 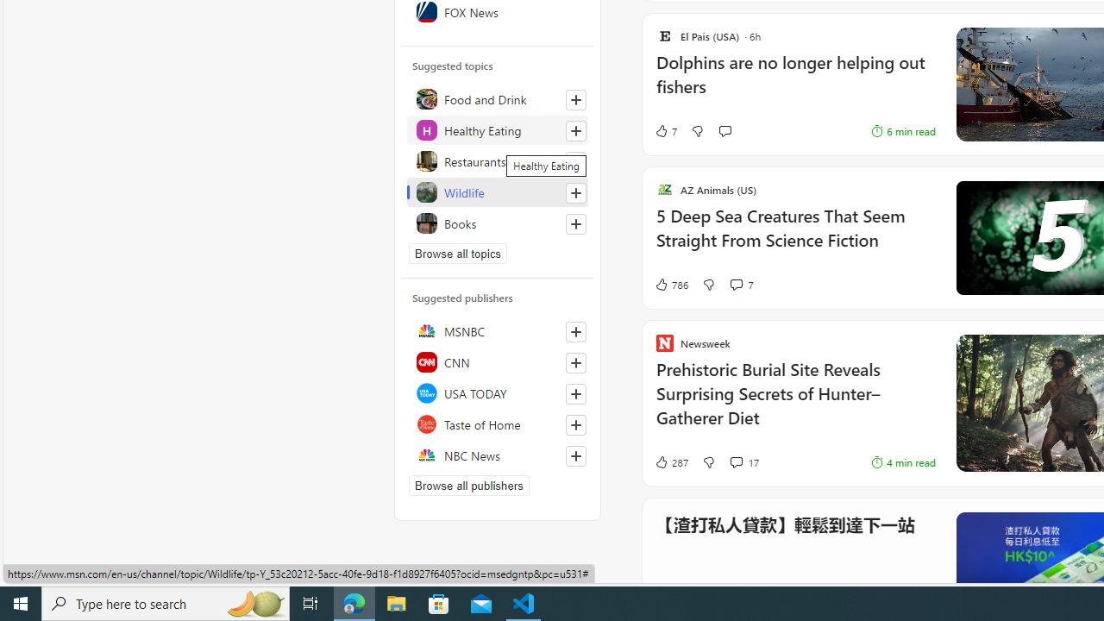 I want to click on 'Browse all topics', so click(x=458, y=254).